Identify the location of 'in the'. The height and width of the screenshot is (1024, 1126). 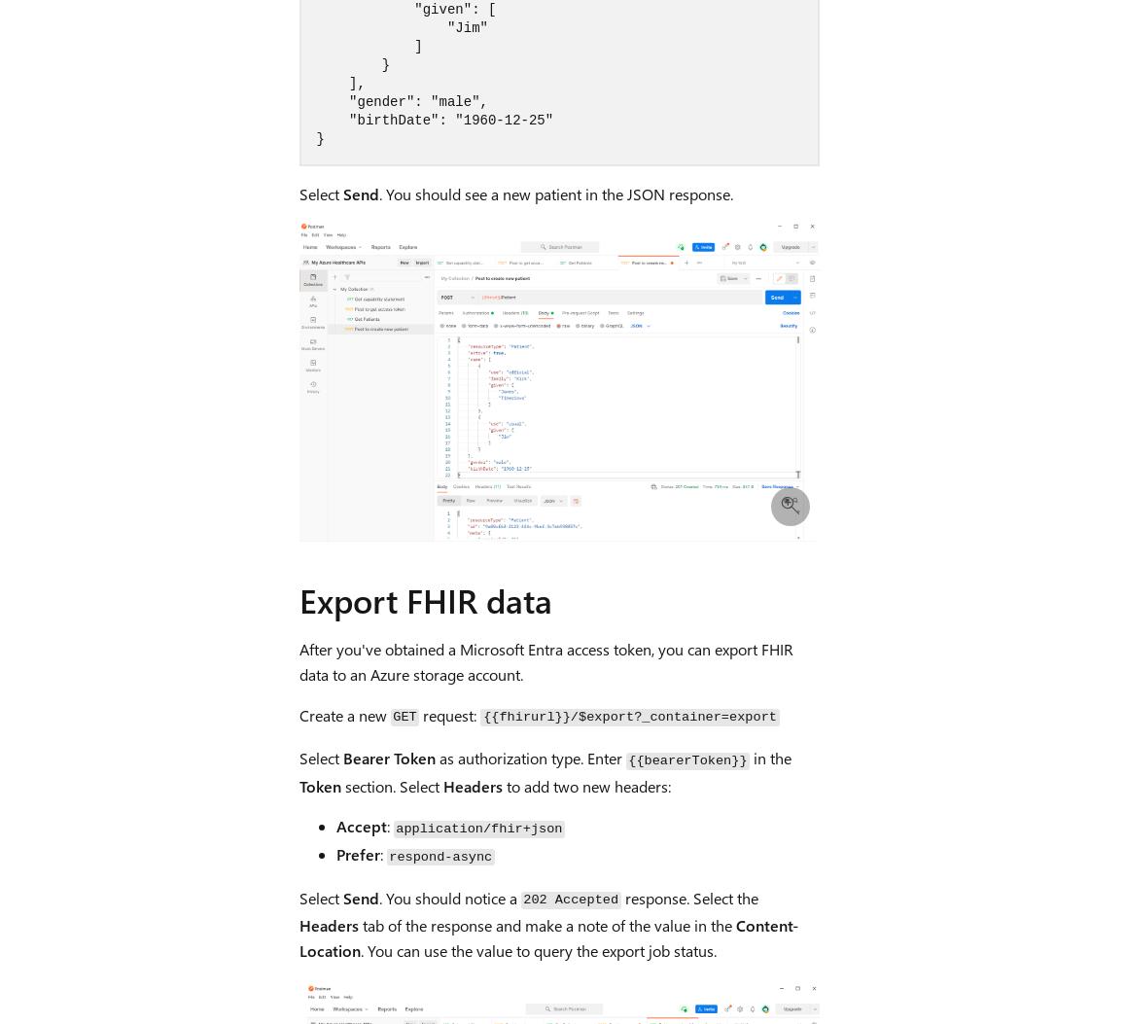
(770, 758).